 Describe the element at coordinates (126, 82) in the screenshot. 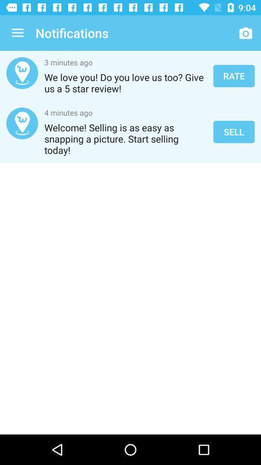

I see `icon above 4 minutes ago icon` at that location.